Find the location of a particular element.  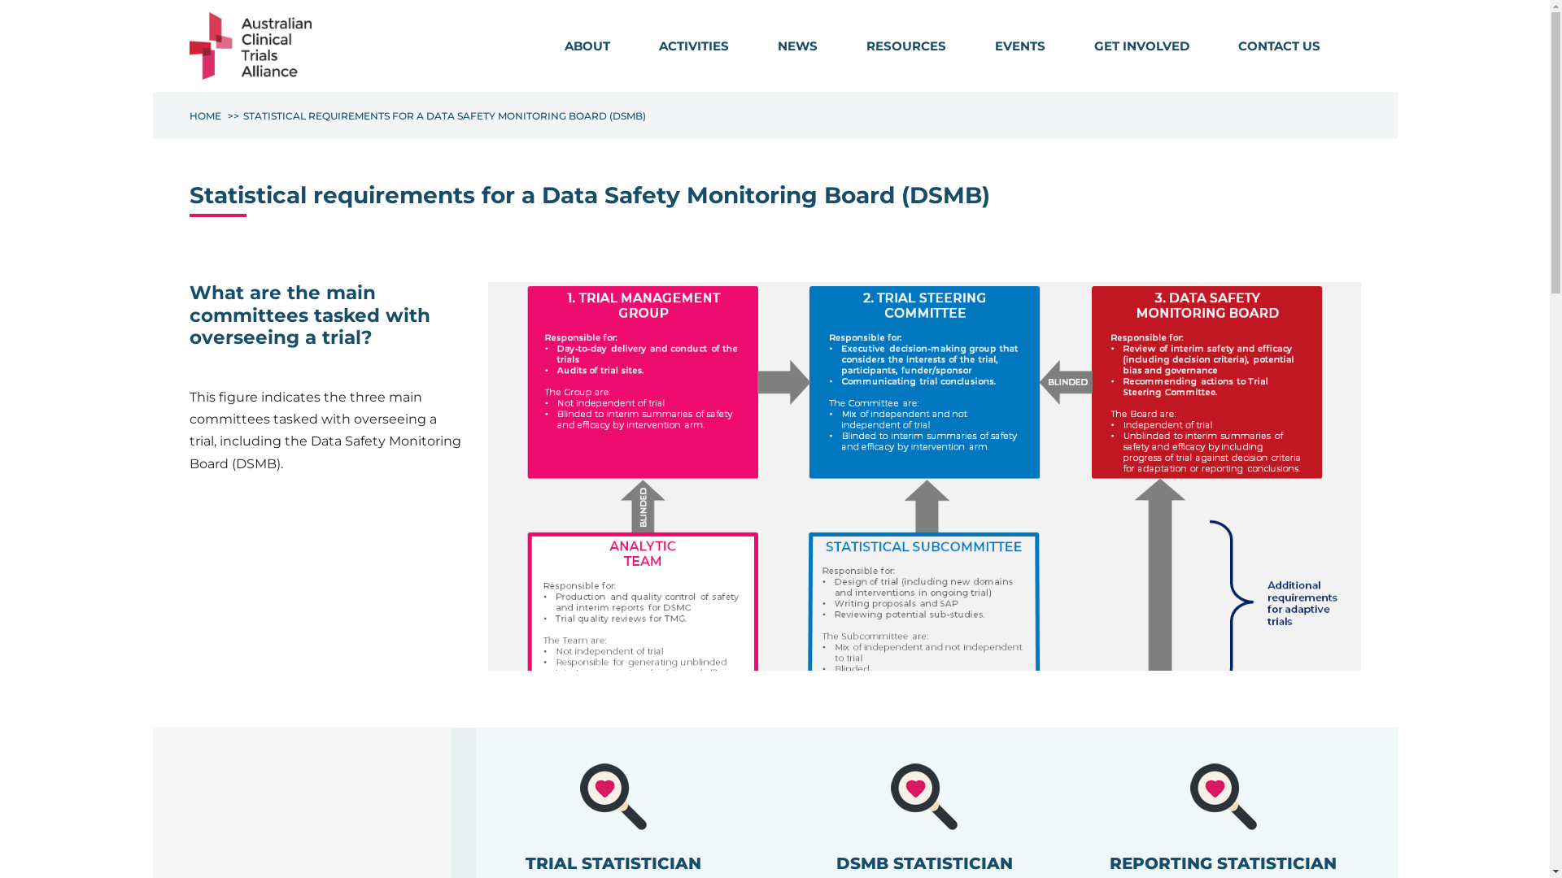

'Search form' is located at coordinates (1351, 48).